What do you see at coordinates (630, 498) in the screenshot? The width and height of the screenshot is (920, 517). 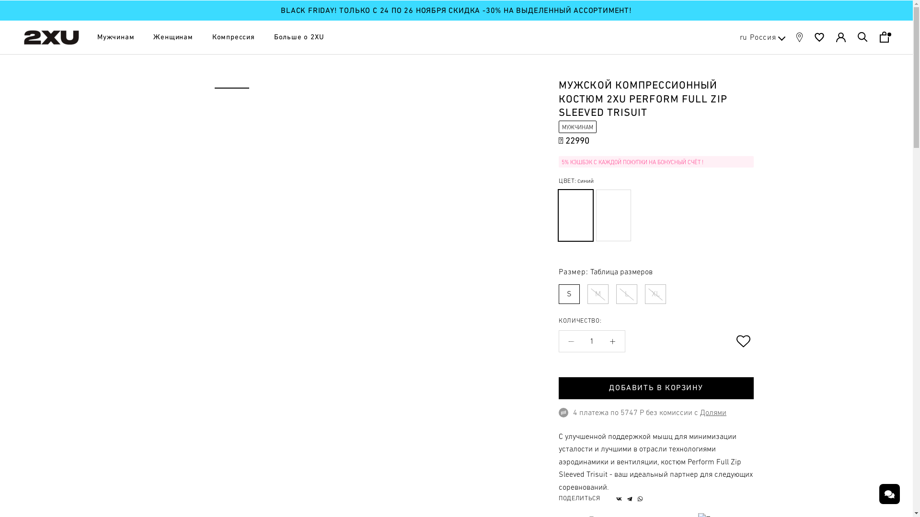 I see `'Telegram'` at bounding box center [630, 498].